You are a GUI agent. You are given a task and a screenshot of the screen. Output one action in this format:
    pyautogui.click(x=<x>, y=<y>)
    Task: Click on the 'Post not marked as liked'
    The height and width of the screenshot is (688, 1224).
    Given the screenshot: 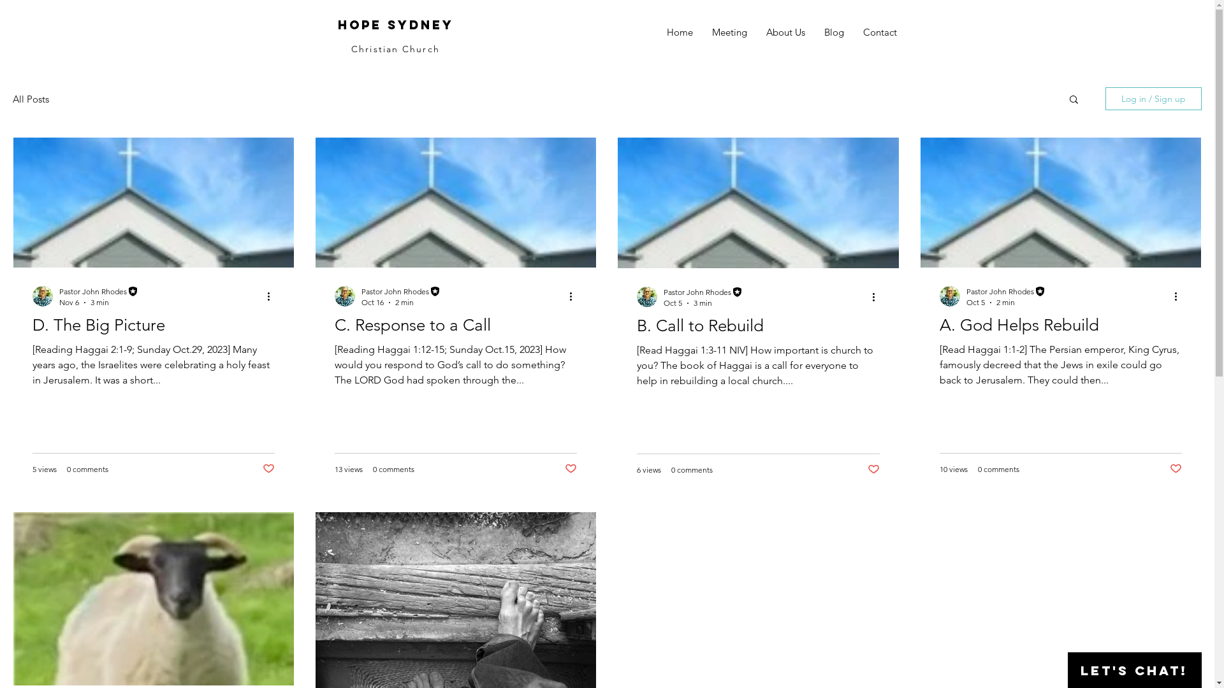 What is the action you would take?
    pyautogui.click(x=570, y=469)
    